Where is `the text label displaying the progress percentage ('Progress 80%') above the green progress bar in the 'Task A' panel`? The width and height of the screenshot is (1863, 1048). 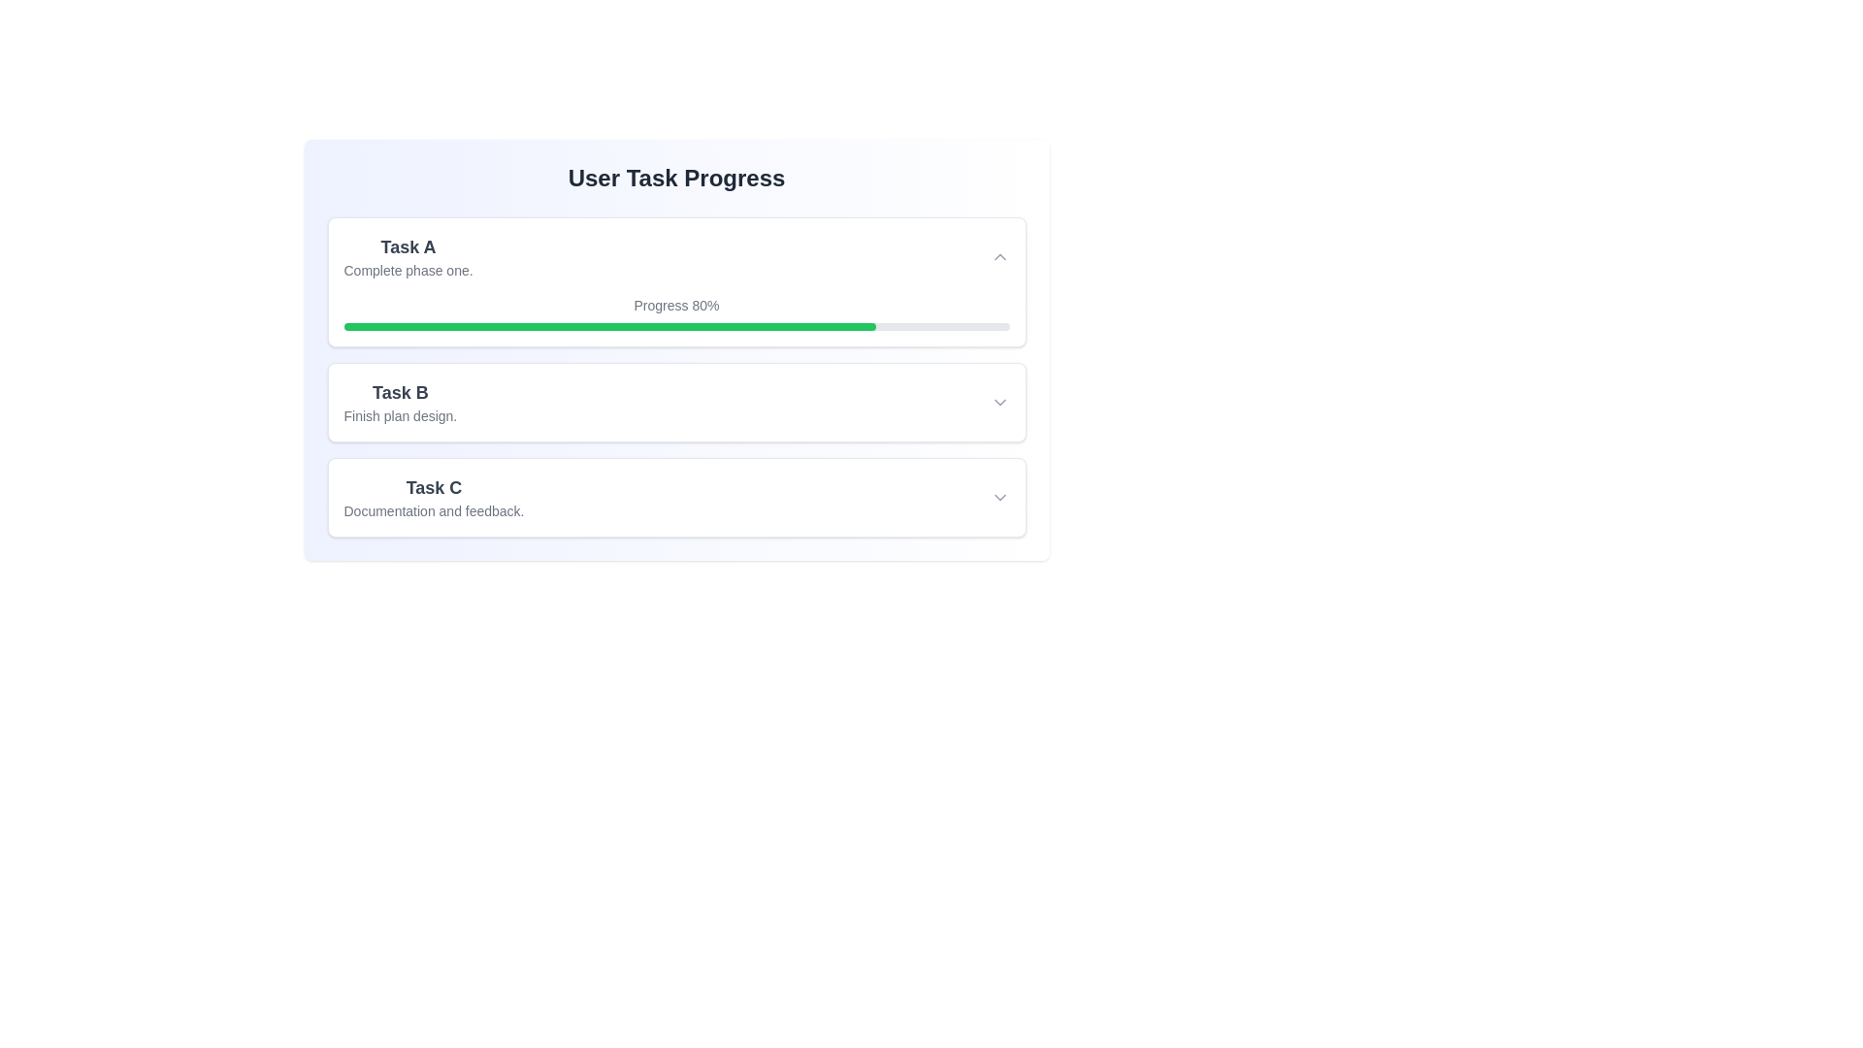
the text label displaying the progress percentage ('Progress 80%') above the green progress bar in the 'Task A' panel is located at coordinates (676, 306).